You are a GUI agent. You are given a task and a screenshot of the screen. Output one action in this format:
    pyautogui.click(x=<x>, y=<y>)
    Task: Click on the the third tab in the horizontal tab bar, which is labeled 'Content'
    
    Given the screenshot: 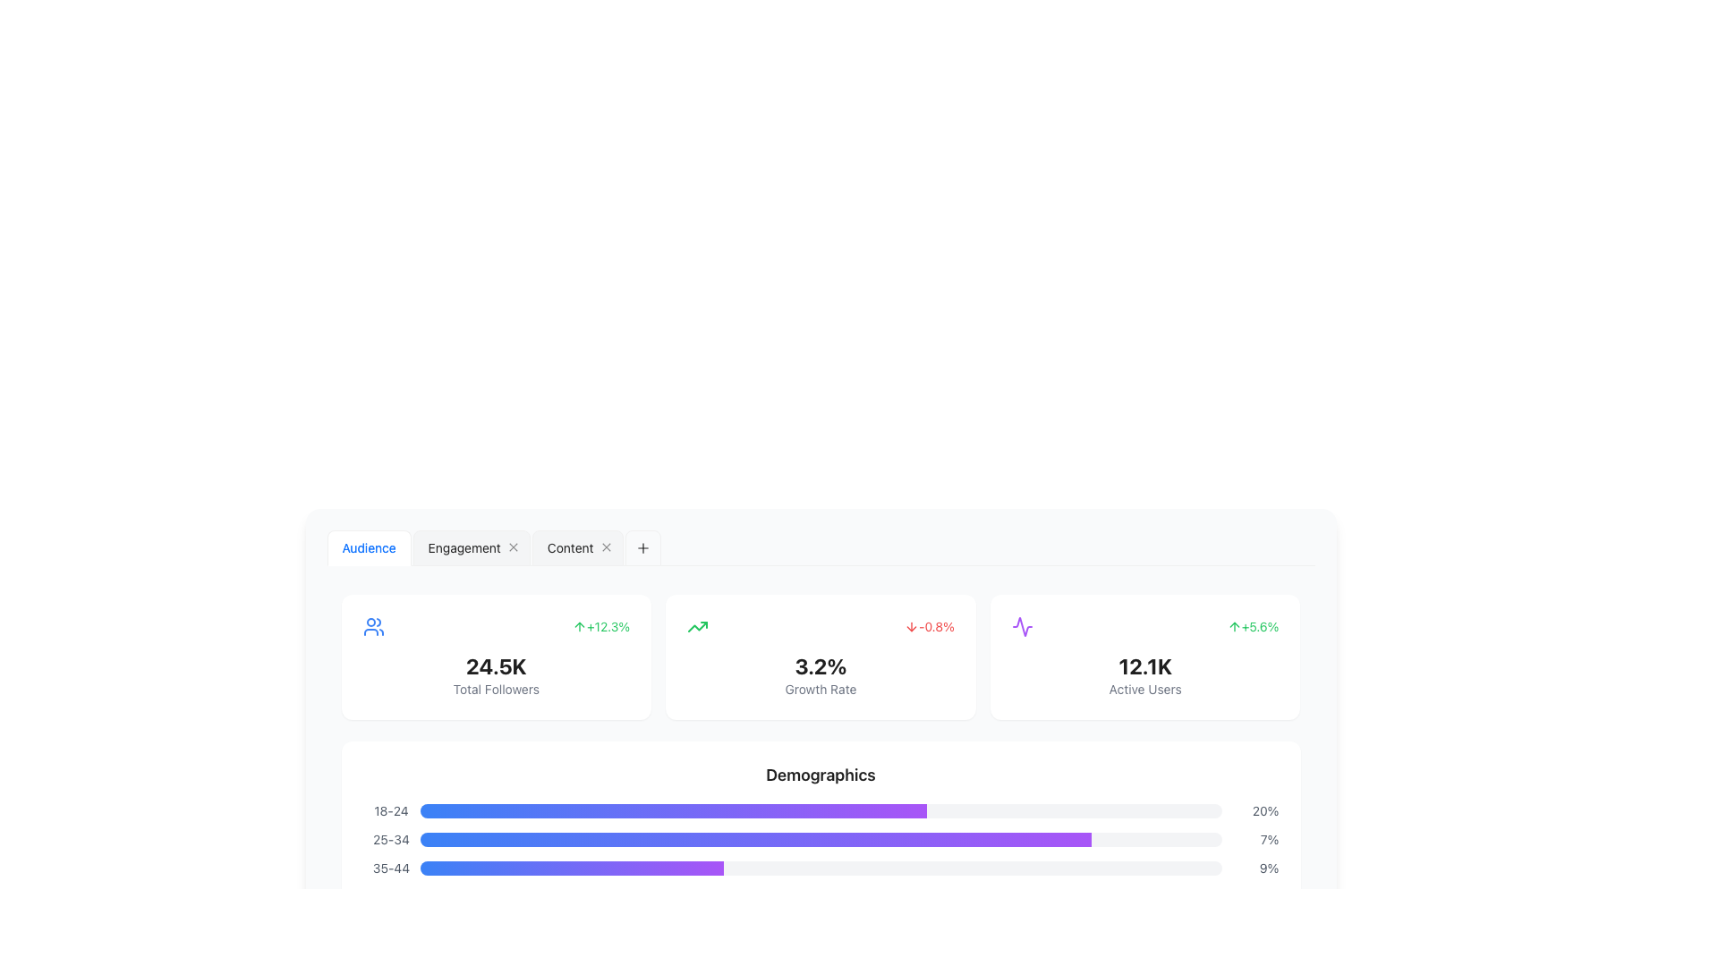 What is the action you would take?
    pyautogui.click(x=569, y=547)
    